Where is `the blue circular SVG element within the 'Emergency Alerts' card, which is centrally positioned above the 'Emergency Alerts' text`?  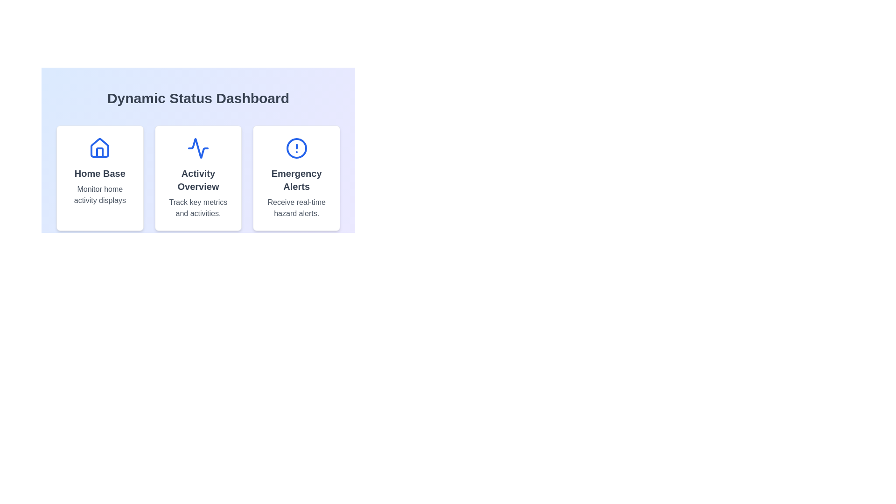
the blue circular SVG element within the 'Emergency Alerts' card, which is centrally positioned above the 'Emergency Alerts' text is located at coordinates (296, 147).